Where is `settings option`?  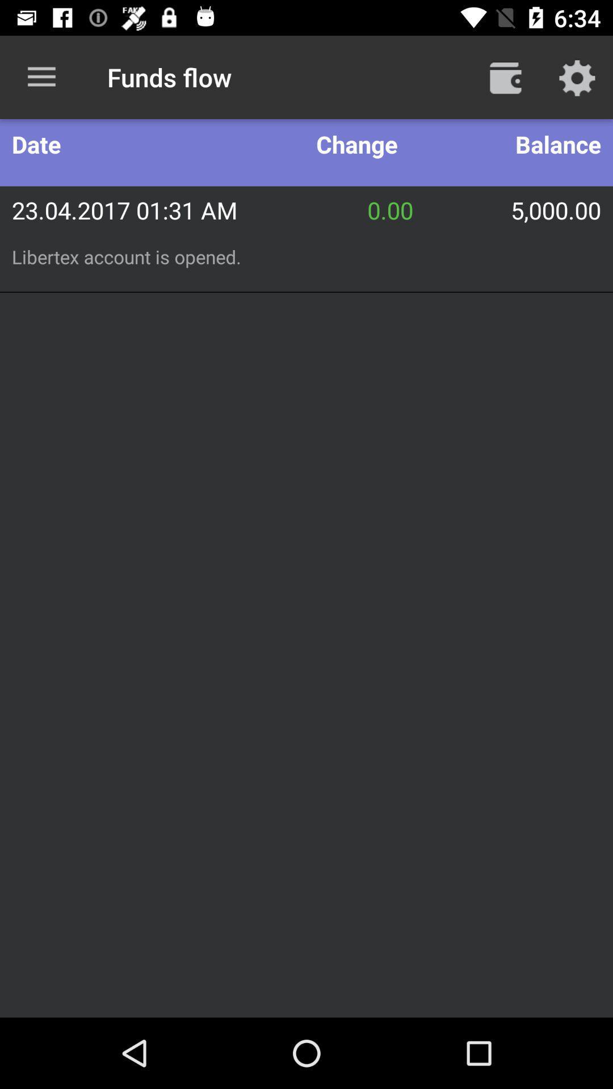 settings option is located at coordinates (577, 77).